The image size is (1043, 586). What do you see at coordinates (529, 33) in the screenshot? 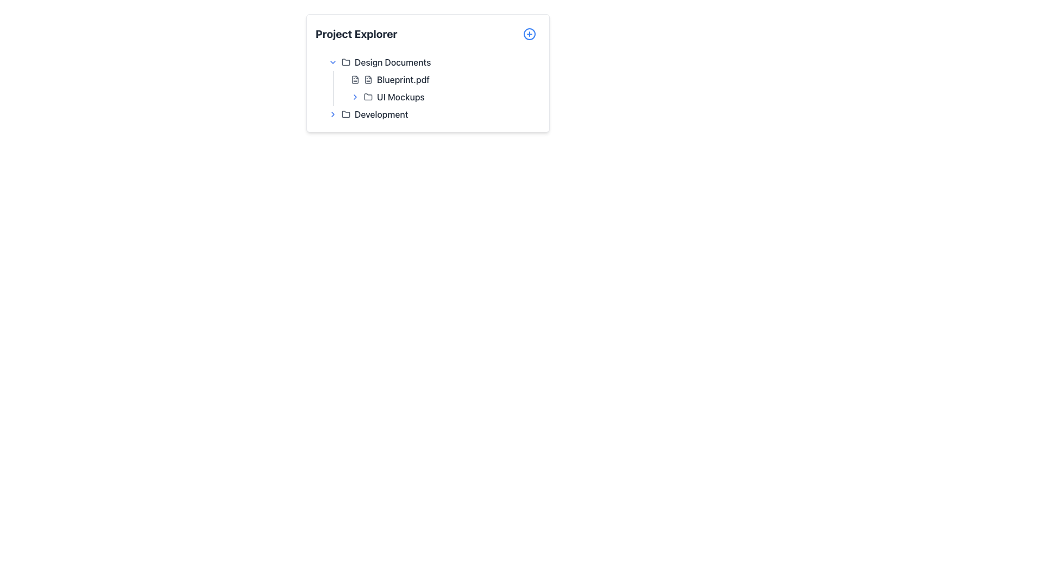
I see `the blue circular icon button with a plus sign in the top-right corner of the 'Project Explorer' section` at bounding box center [529, 33].